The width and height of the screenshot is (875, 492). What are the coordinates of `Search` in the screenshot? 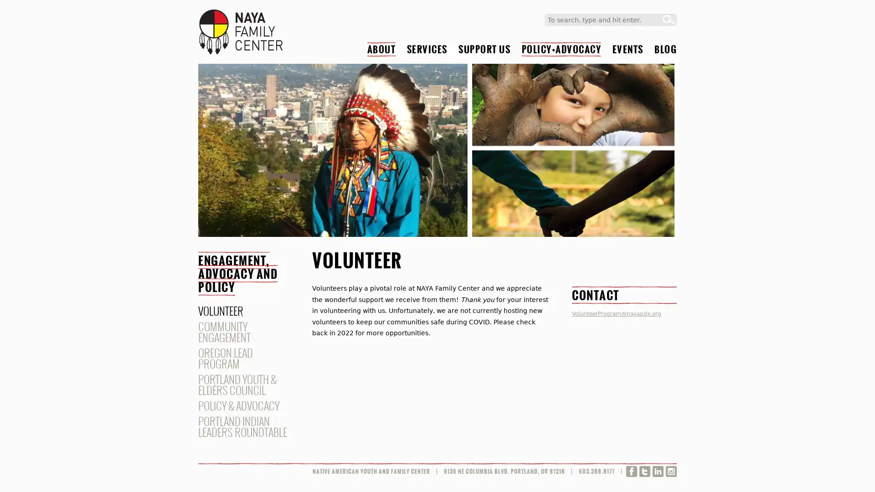 It's located at (669, 20).